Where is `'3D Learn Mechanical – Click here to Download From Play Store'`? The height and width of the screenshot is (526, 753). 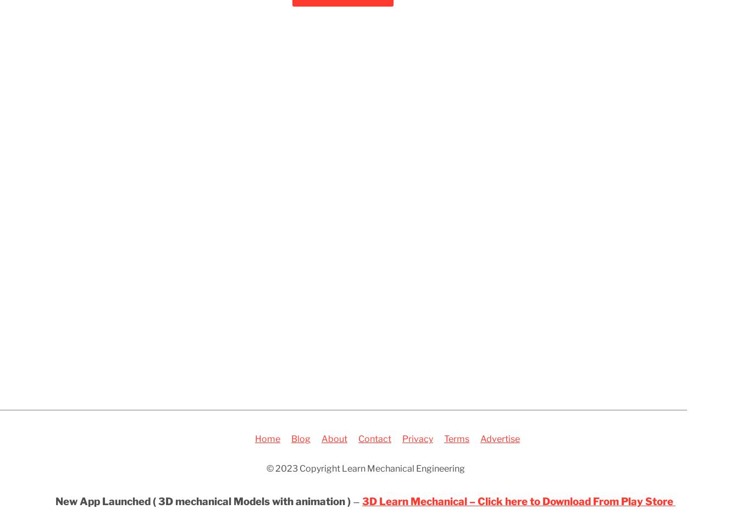 '3D Learn Mechanical – Click here to Download From Play Store' is located at coordinates (361, 501).